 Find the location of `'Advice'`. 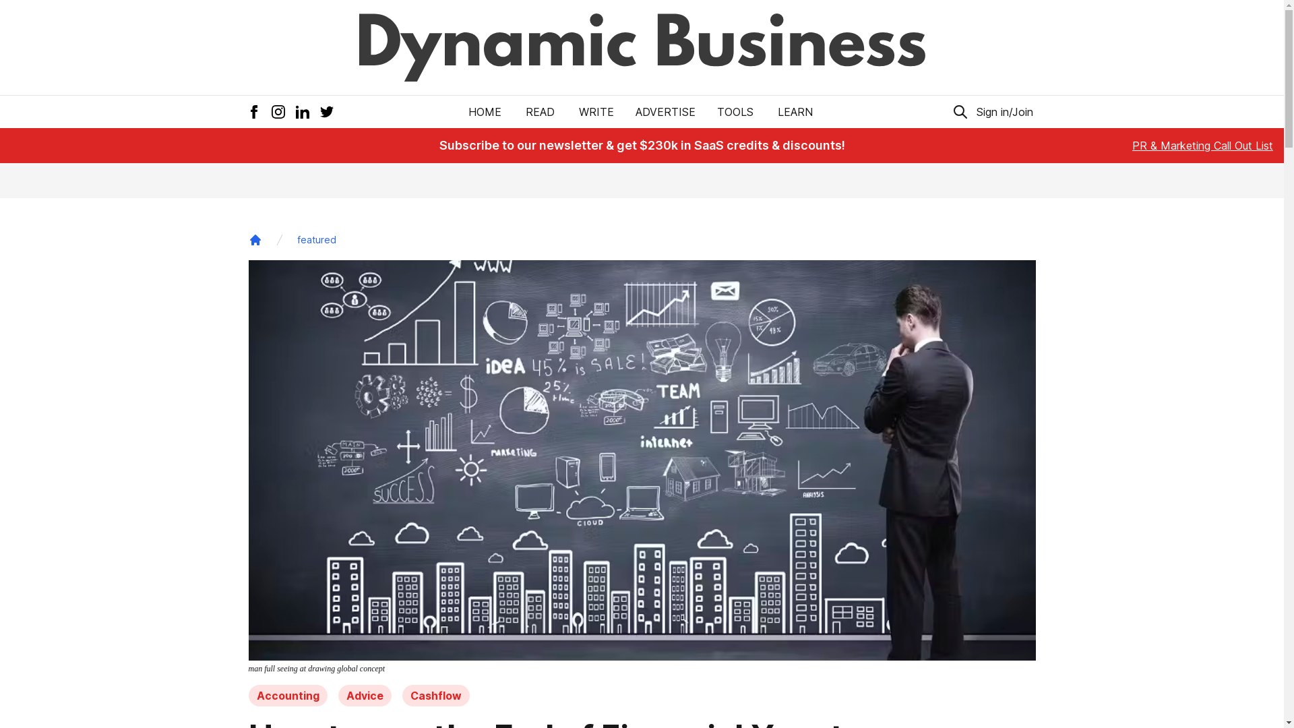

'Advice' is located at coordinates (338, 696).